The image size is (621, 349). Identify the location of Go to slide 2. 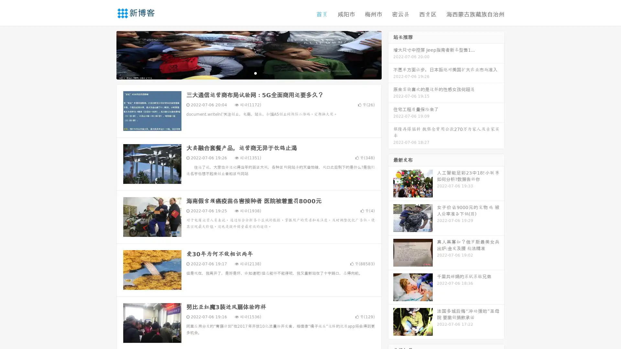
(248, 73).